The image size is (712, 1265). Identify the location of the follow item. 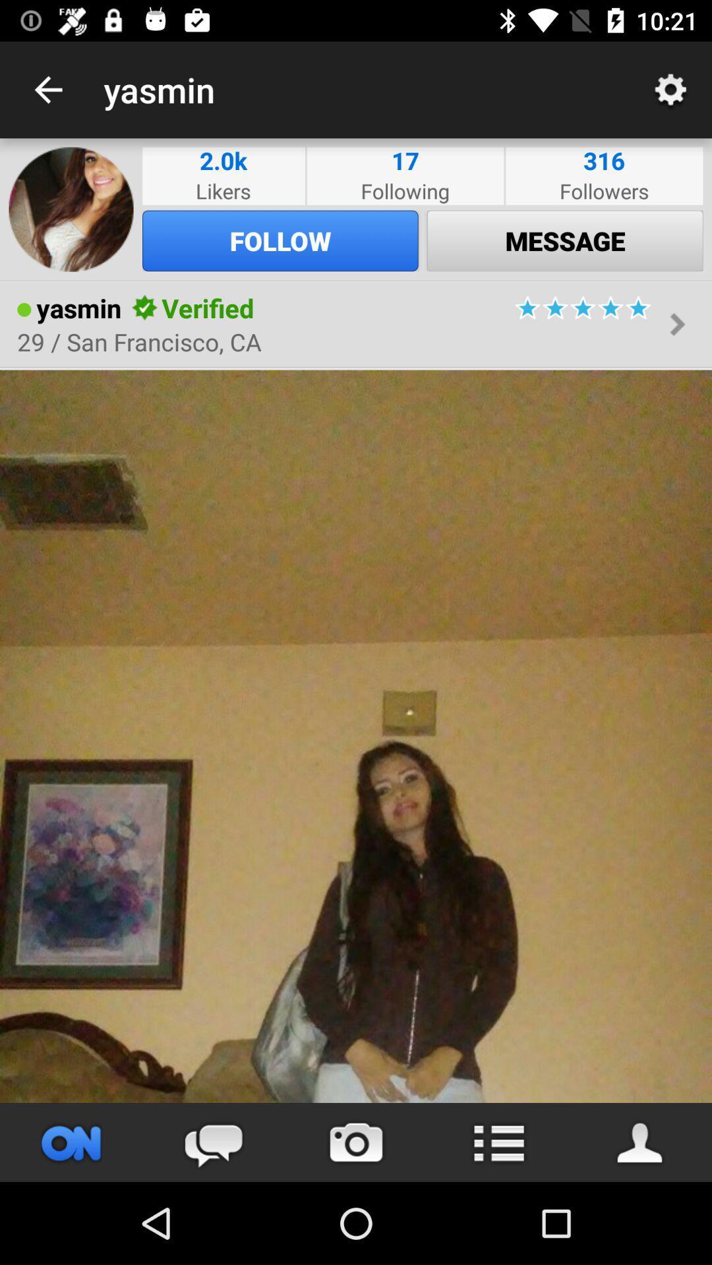
(280, 240).